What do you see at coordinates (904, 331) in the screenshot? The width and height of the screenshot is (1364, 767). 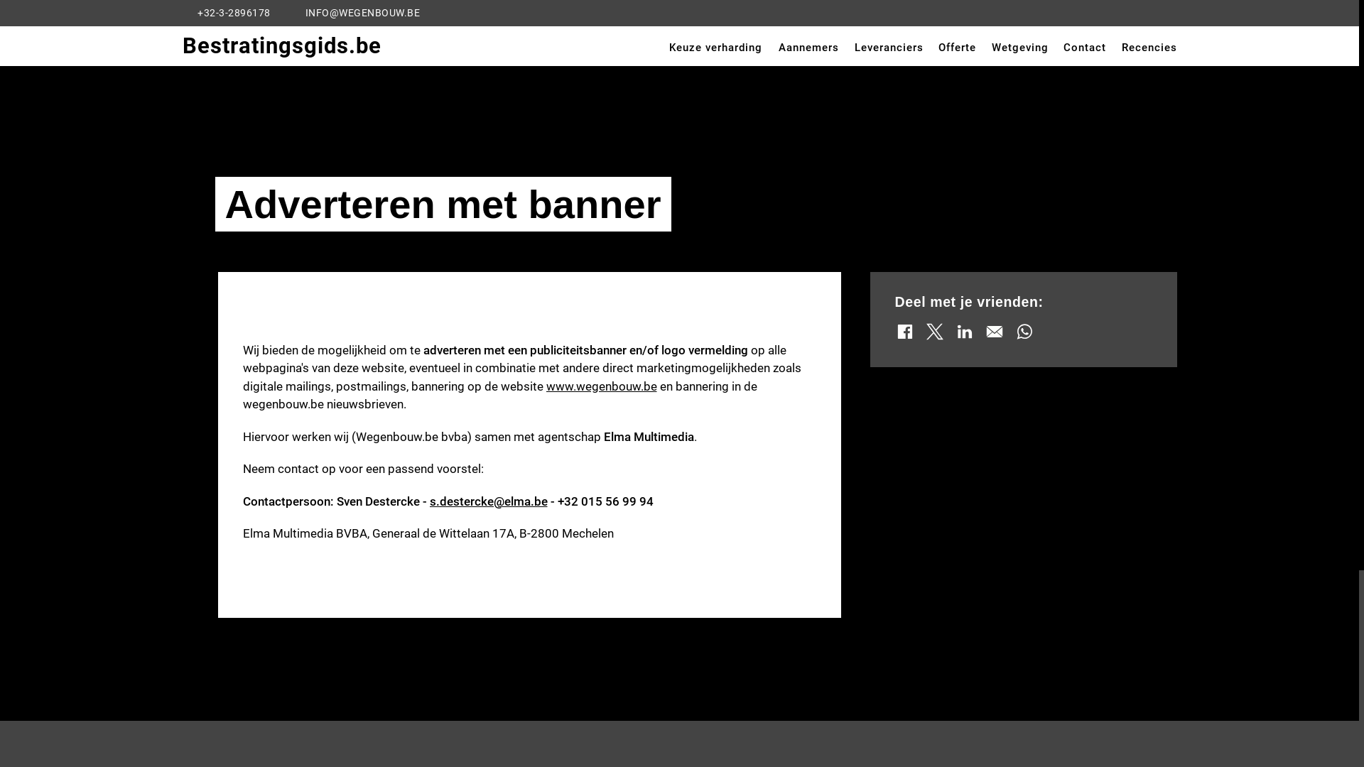 I see `'Share via facebook'` at bounding box center [904, 331].